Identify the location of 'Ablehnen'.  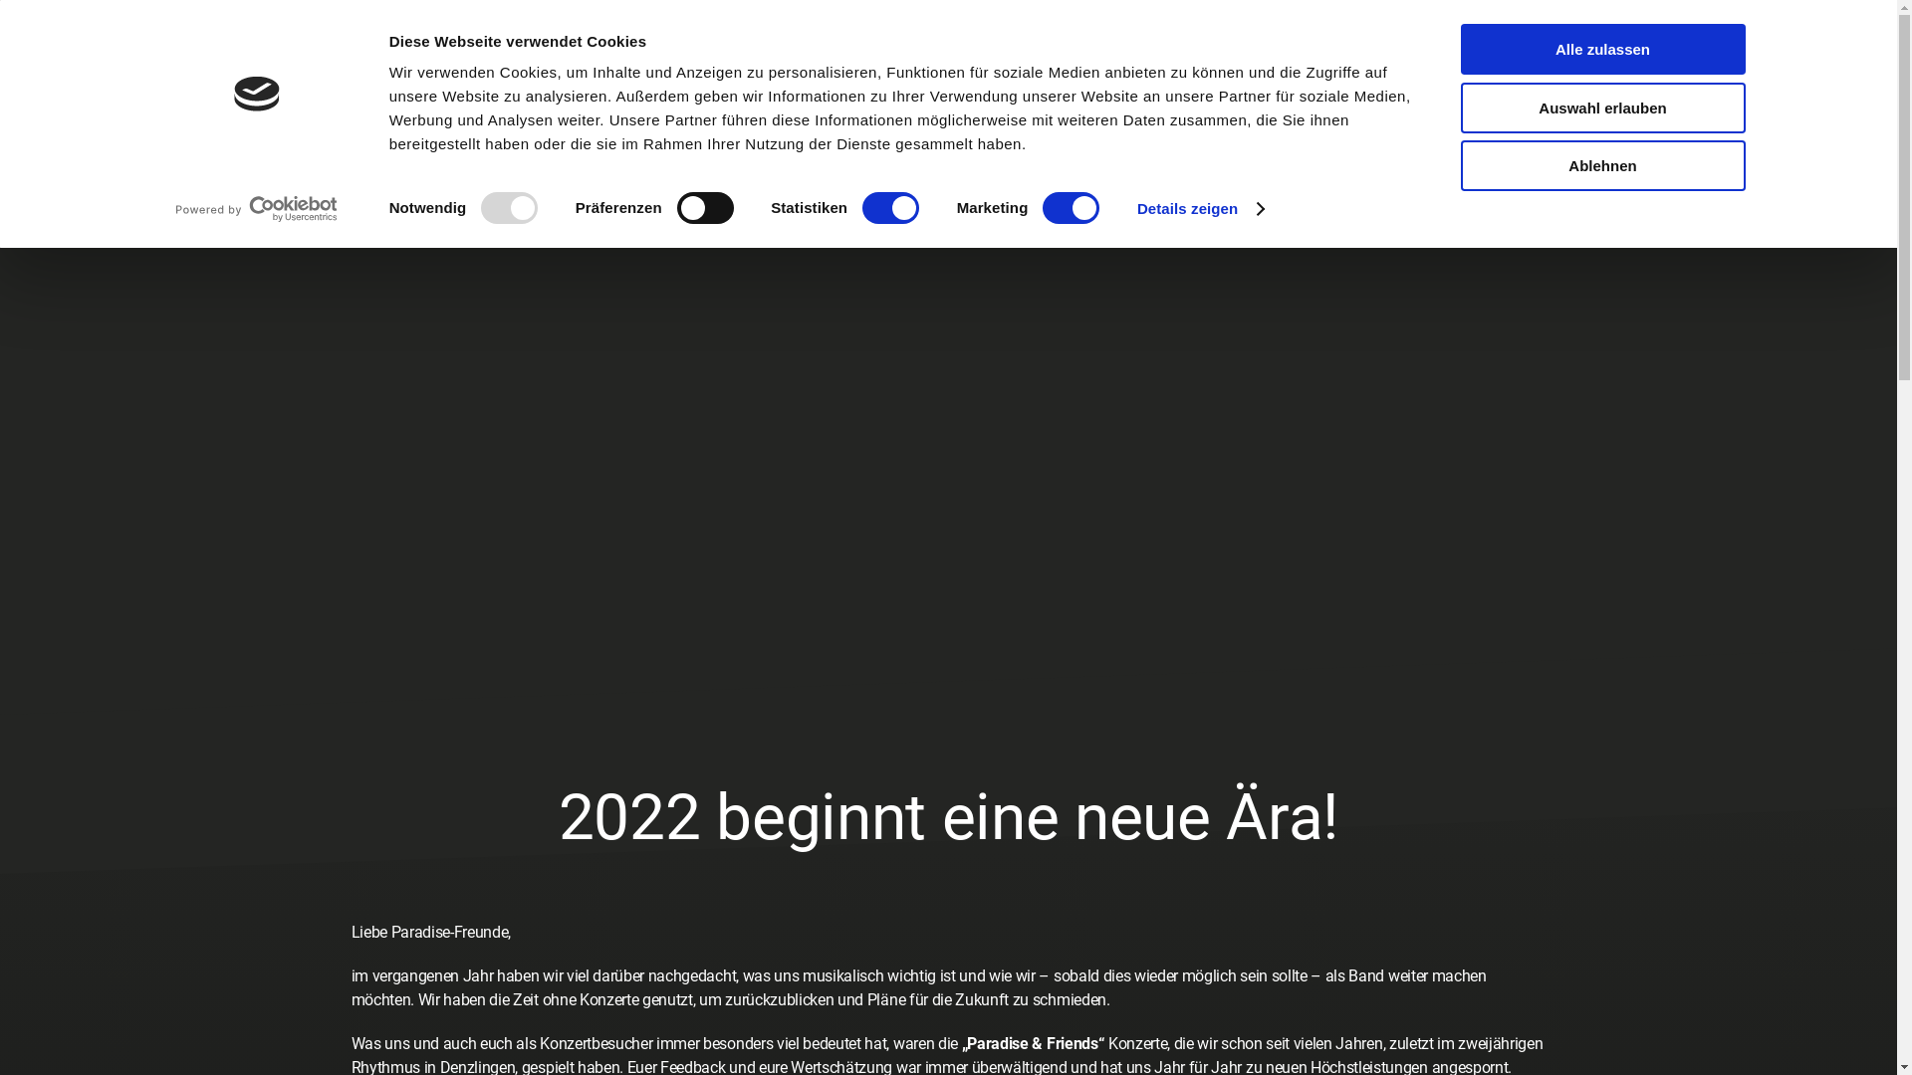
(1601, 164).